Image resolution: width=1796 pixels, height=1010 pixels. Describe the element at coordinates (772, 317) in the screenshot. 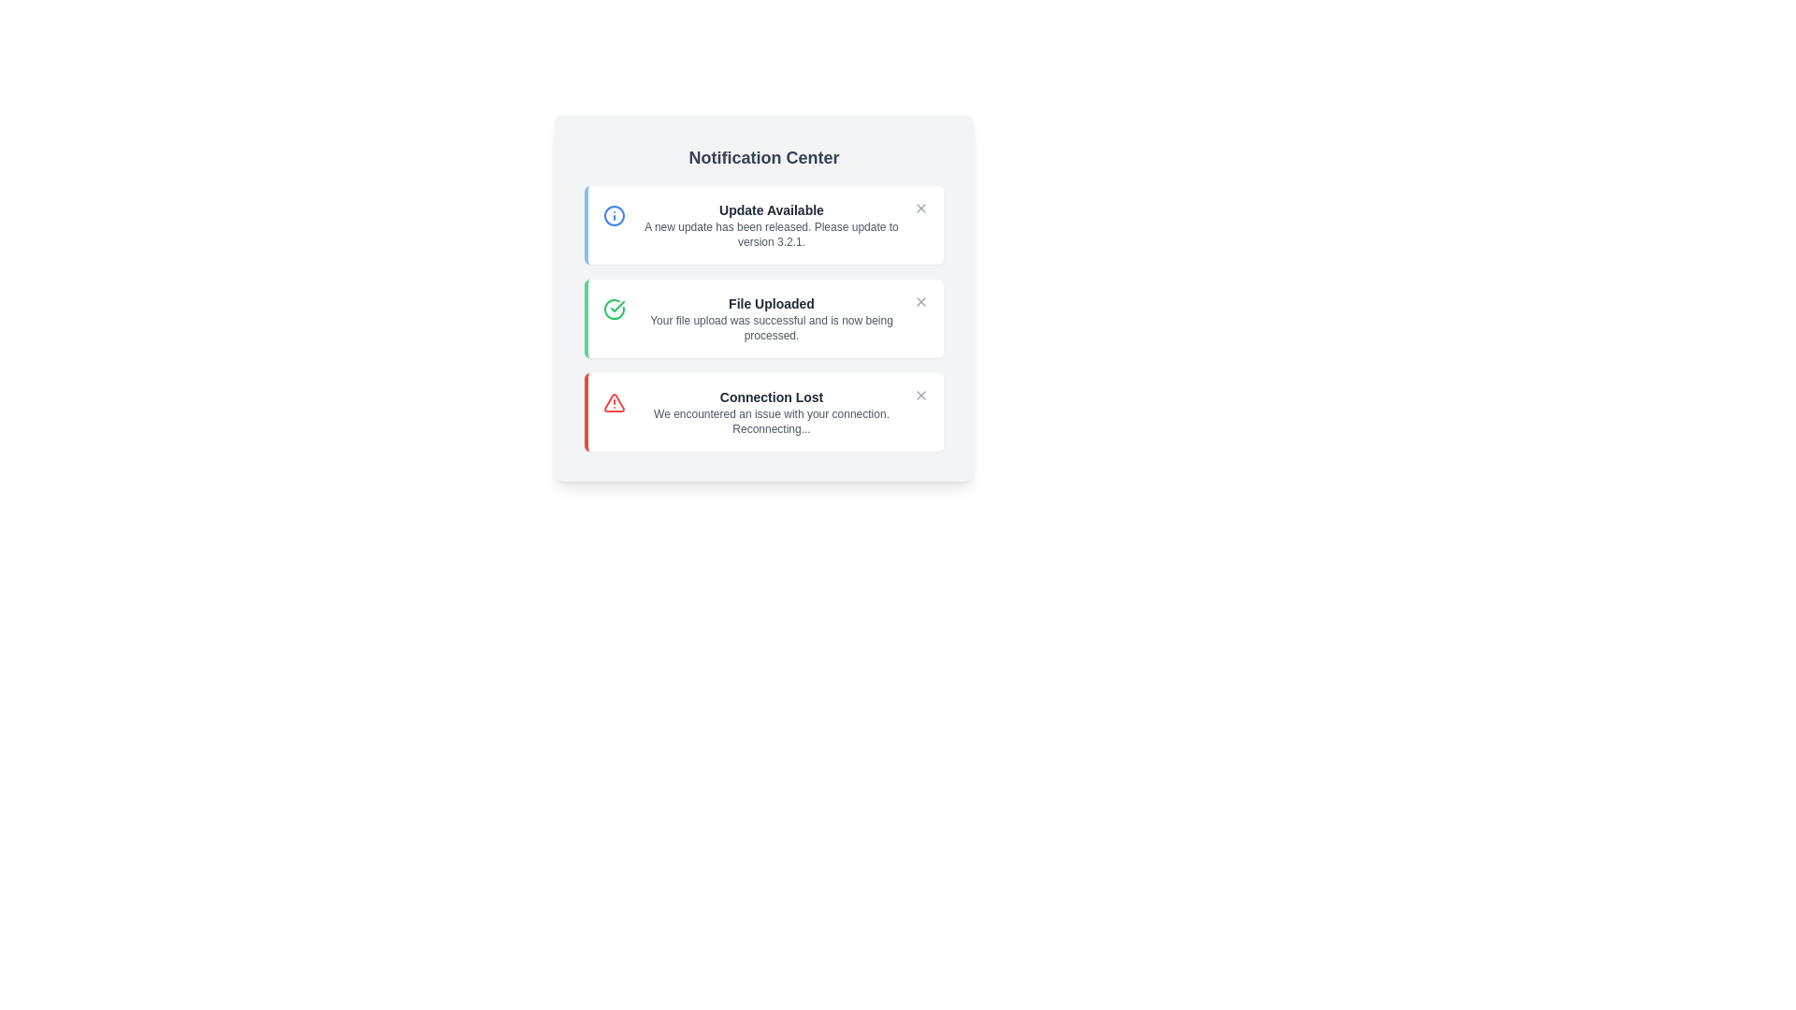

I see `notification text indicating that the file upload was successful, which is located in the second notification box of the Notification Center` at that location.